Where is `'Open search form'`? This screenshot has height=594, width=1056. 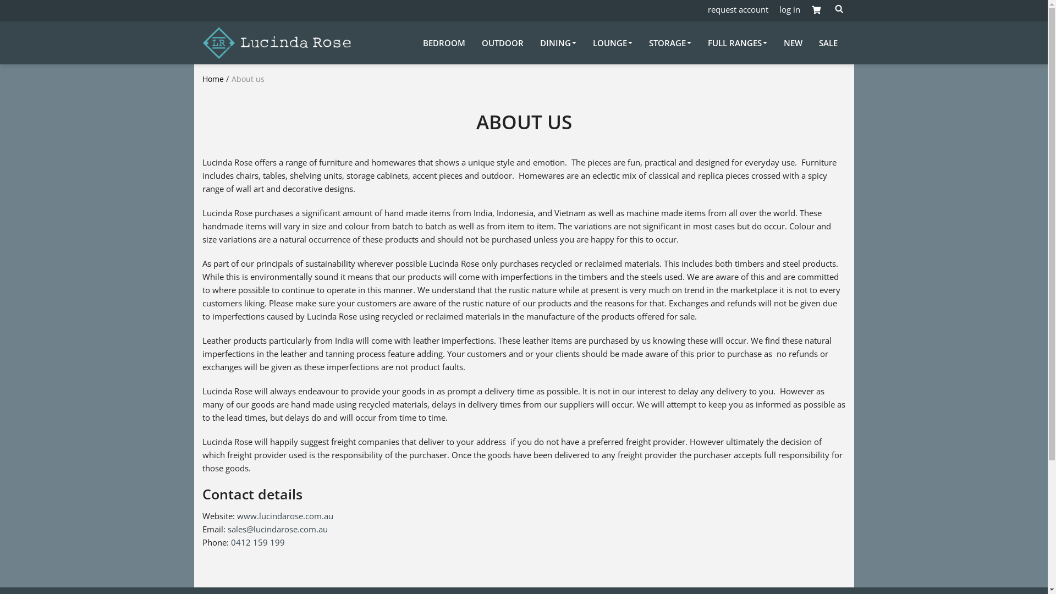 'Open search form' is located at coordinates (832, 9).